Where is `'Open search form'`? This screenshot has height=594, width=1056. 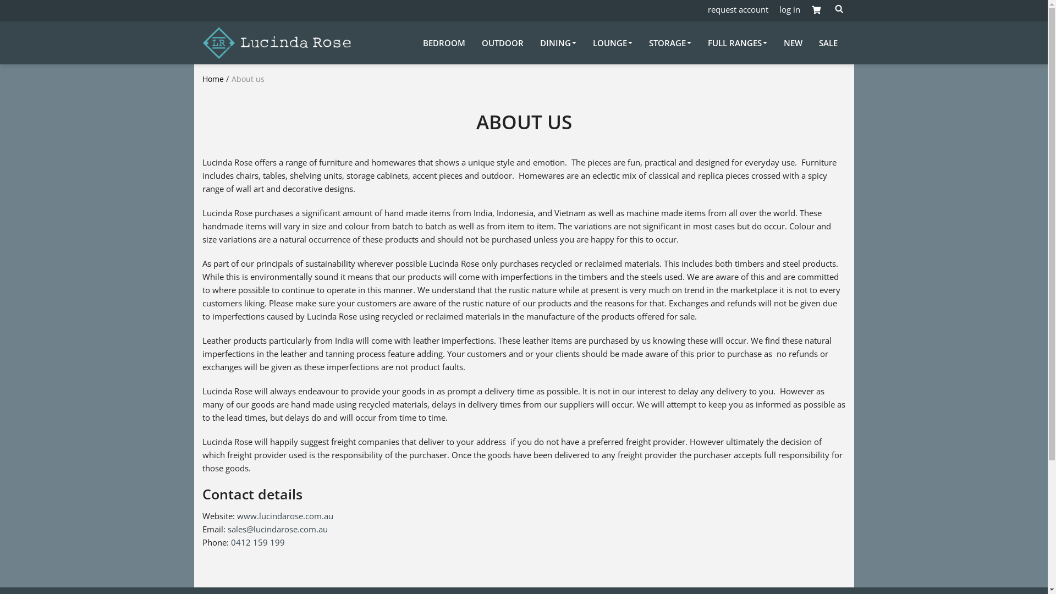 'Open search form' is located at coordinates (832, 9).